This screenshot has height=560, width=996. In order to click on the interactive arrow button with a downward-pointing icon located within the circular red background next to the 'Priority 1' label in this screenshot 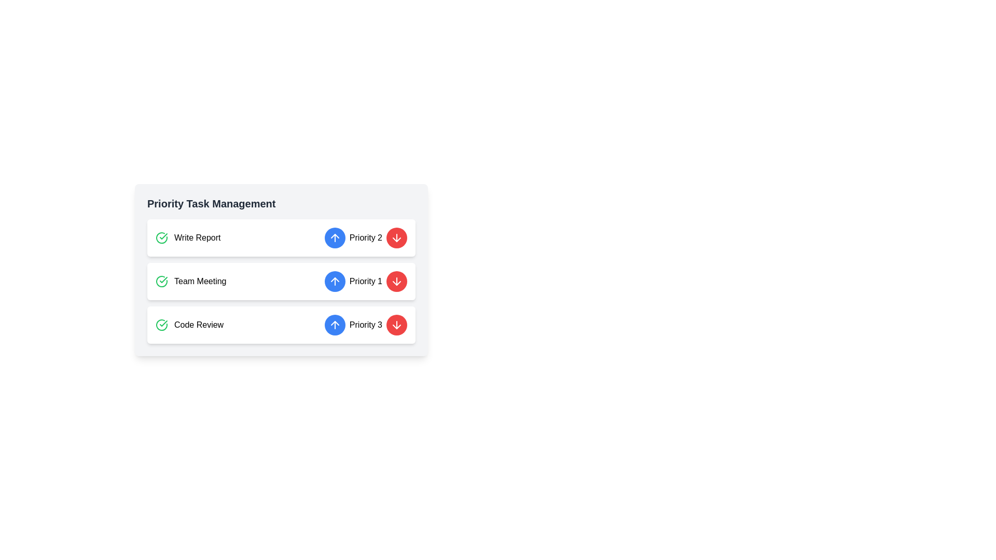, I will do `click(396, 238)`.